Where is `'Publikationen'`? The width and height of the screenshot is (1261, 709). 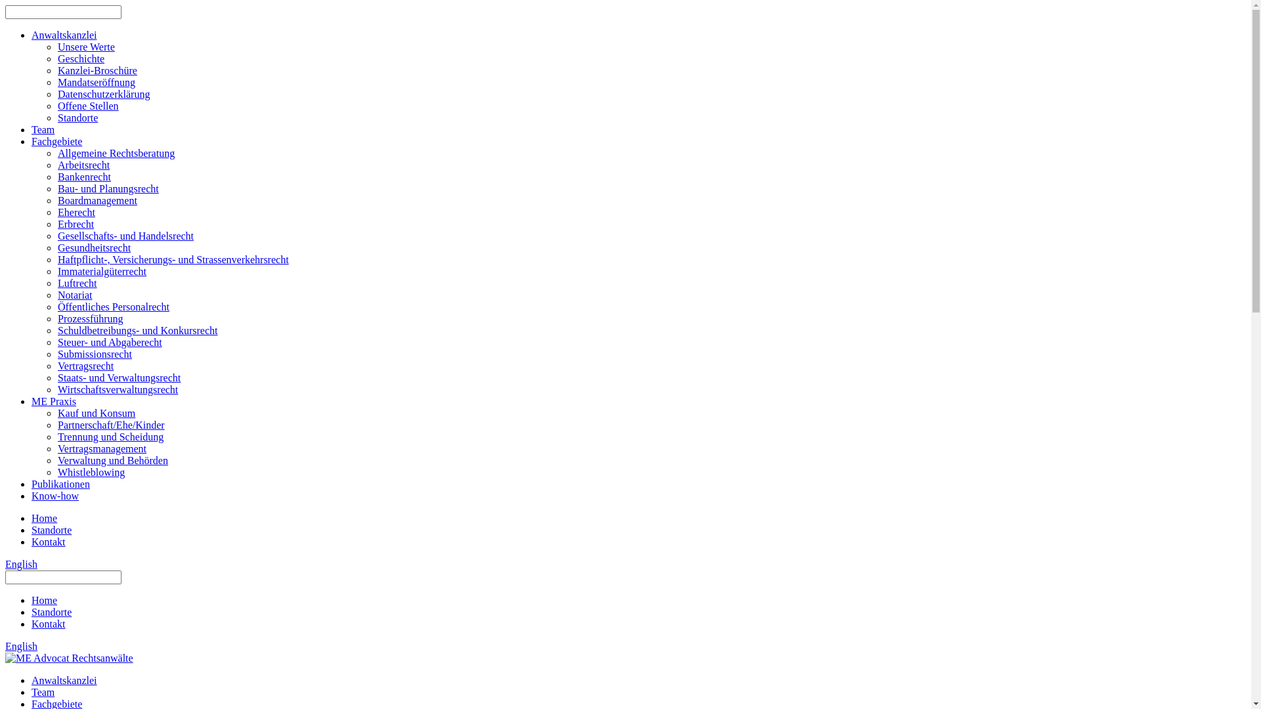 'Publikationen' is located at coordinates (60, 484).